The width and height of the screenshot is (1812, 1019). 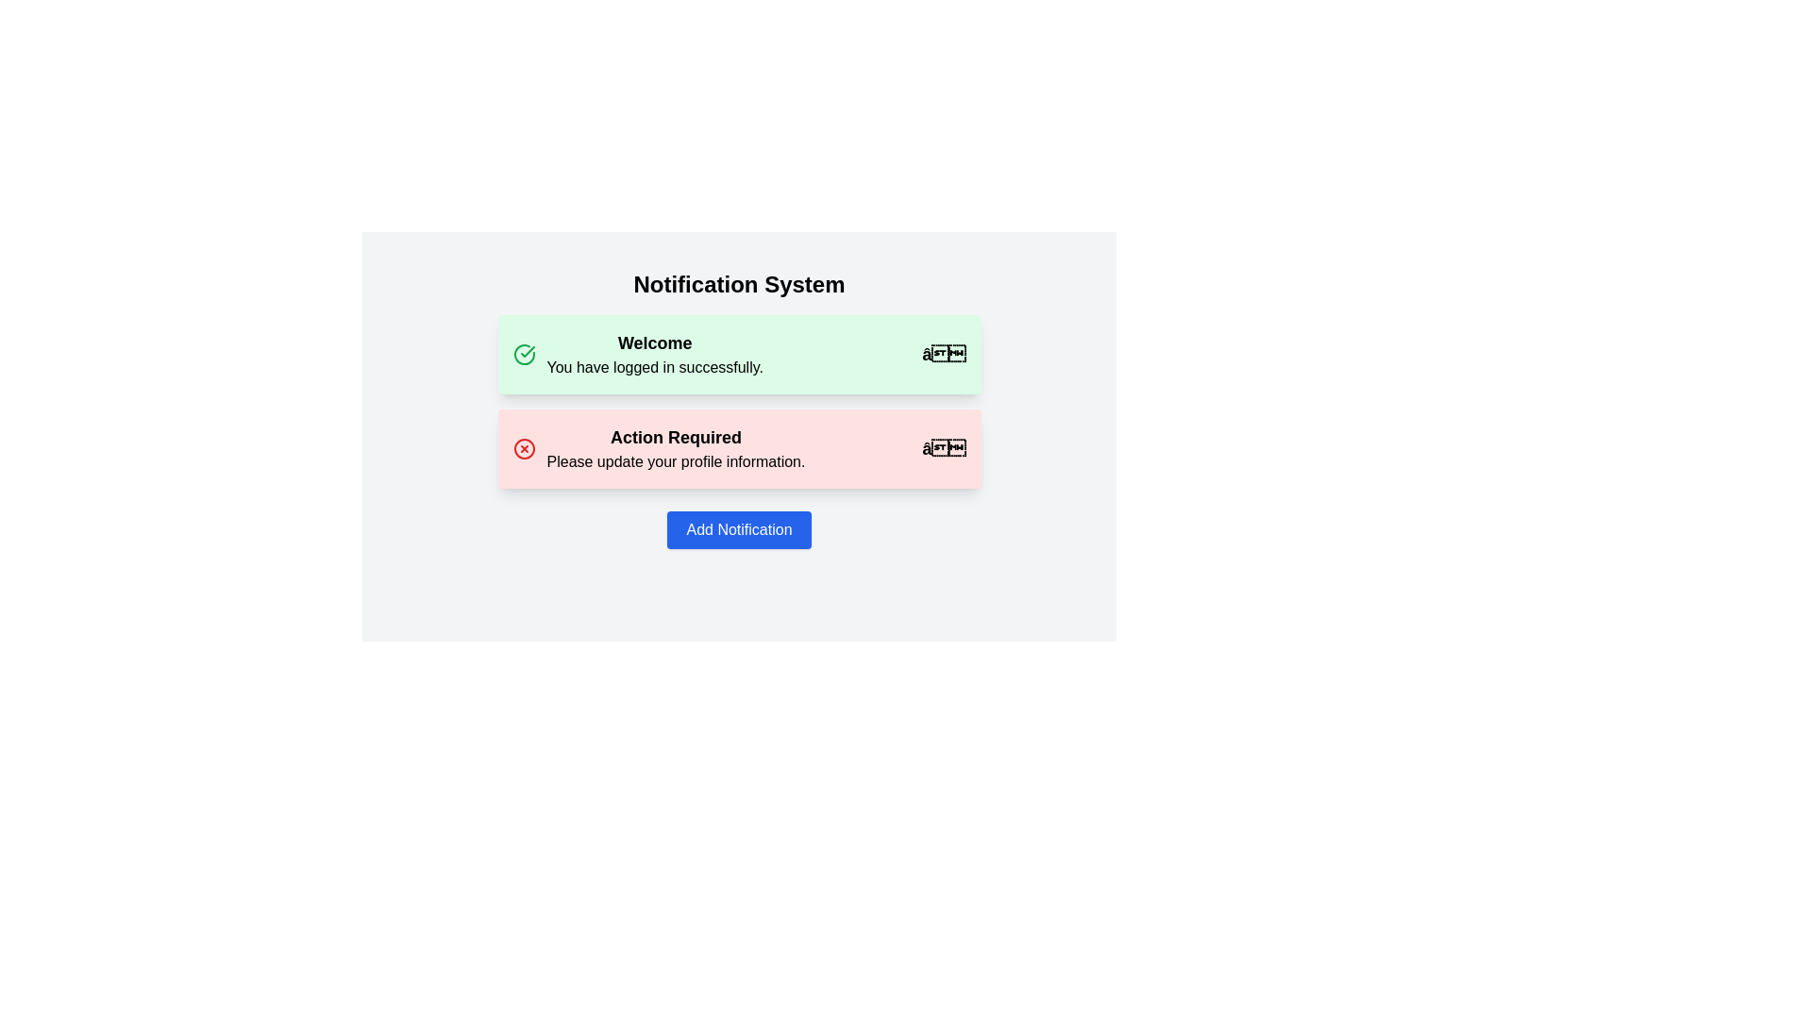 What do you see at coordinates (738, 284) in the screenshot?
I see `text element styled as a bold and large-sized title reading 'Notification System' located at the top of the section above notifications and the 'Add Notification' button` at bounding box center [738, 284].